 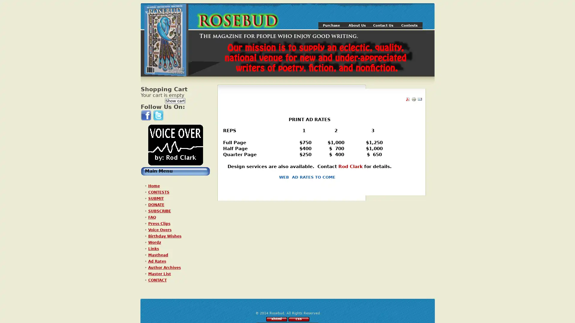 I want to click on Show cart, so click(x=175, y=100).